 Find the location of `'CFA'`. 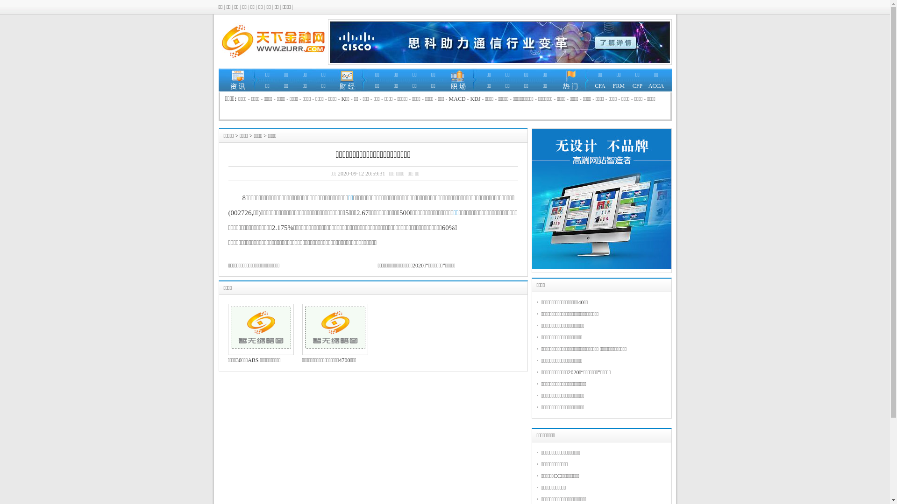

'CFA' is located at coordinates (599, 86).